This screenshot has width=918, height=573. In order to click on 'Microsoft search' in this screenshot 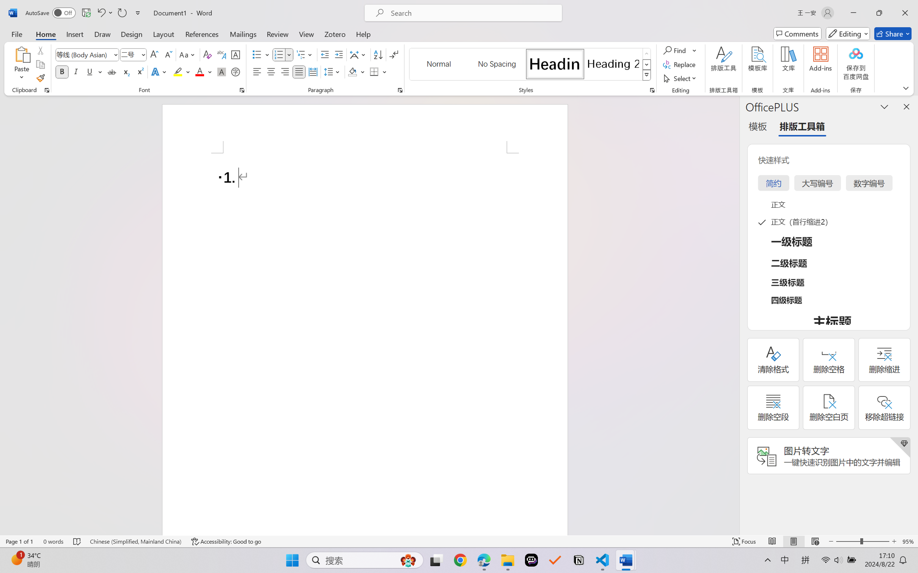, I will do `click(473, 13)`.